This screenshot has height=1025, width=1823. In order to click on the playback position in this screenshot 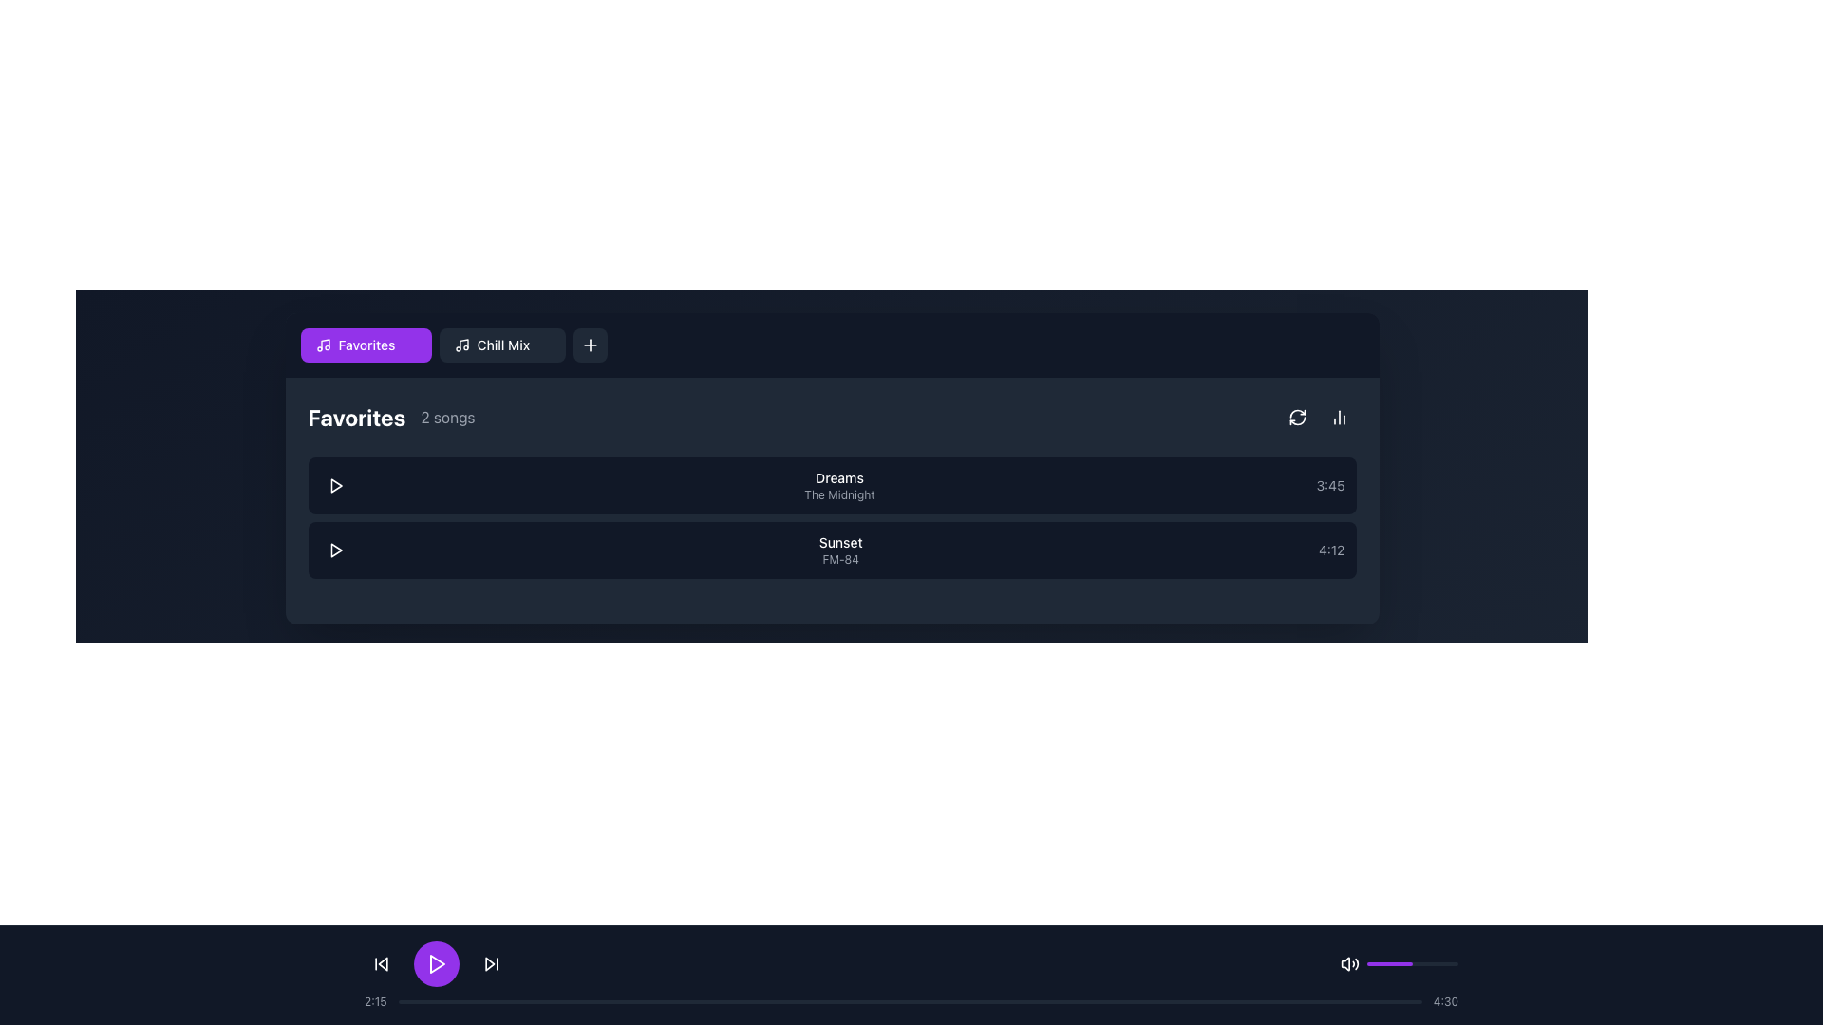, I will do `click(564, 1001)`.